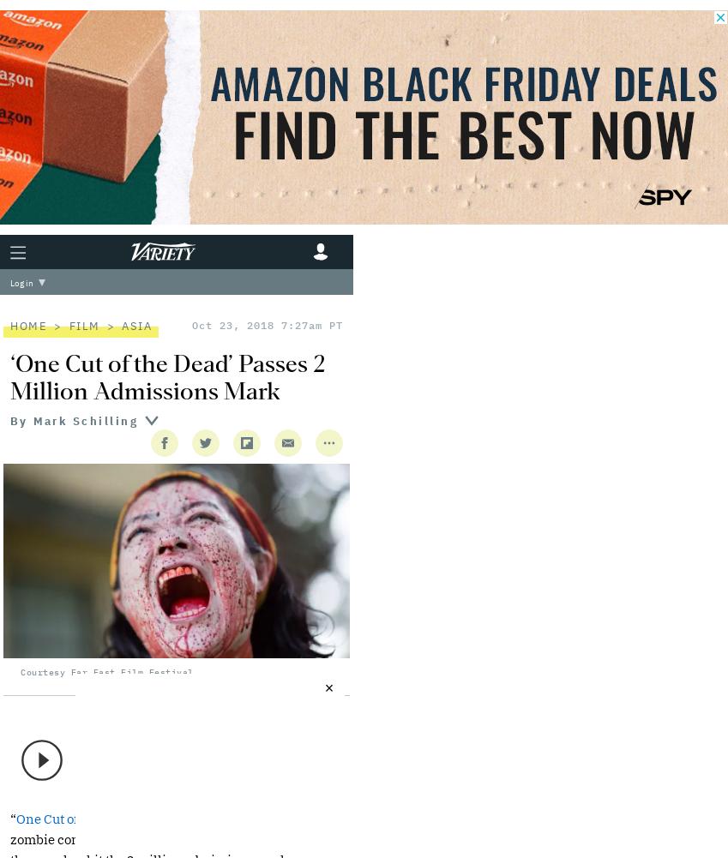  Describe the element at coordinates (166, 378) in the screenshot. I see `'‘One Cut of the Dead’ Passes 2 Million Admissions Mark'` at that location.